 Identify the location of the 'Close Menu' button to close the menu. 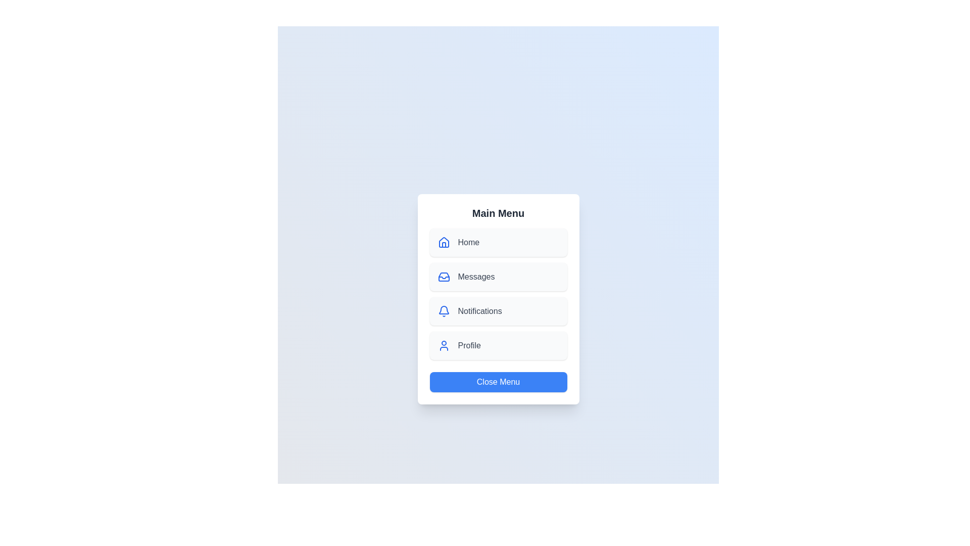
(498, 382).